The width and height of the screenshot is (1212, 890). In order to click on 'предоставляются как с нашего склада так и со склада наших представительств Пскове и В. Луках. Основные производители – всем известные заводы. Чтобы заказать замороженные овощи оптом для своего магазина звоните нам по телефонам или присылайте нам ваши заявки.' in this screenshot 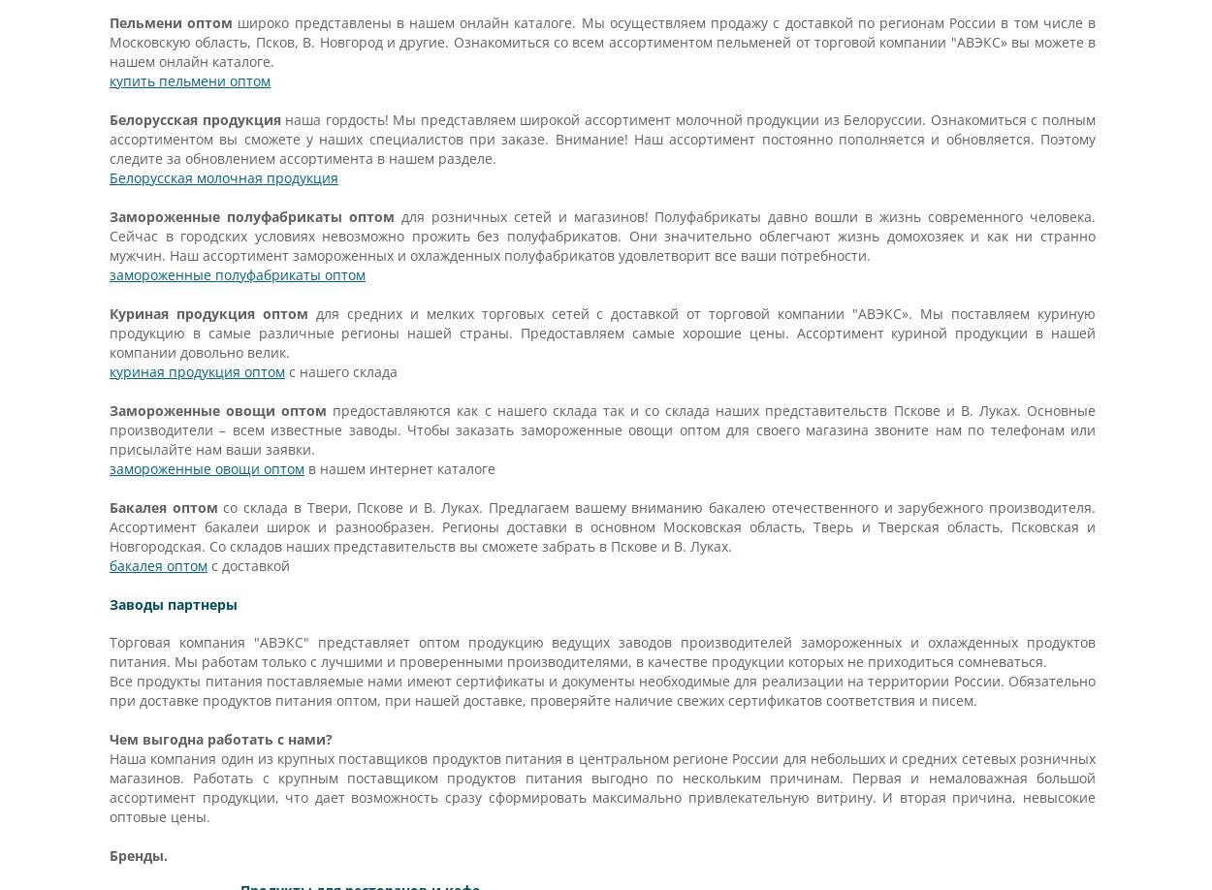, I will do `click(108, 429)`.